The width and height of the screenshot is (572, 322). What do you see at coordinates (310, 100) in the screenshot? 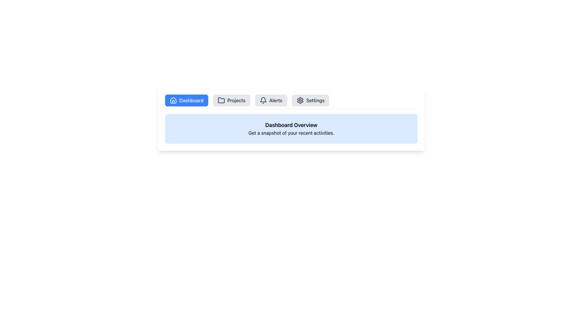
I see `the 'Settings' button, which features a cogwheel icon and is the fourth element in the navigation bar` at bounding box center [310, 100].